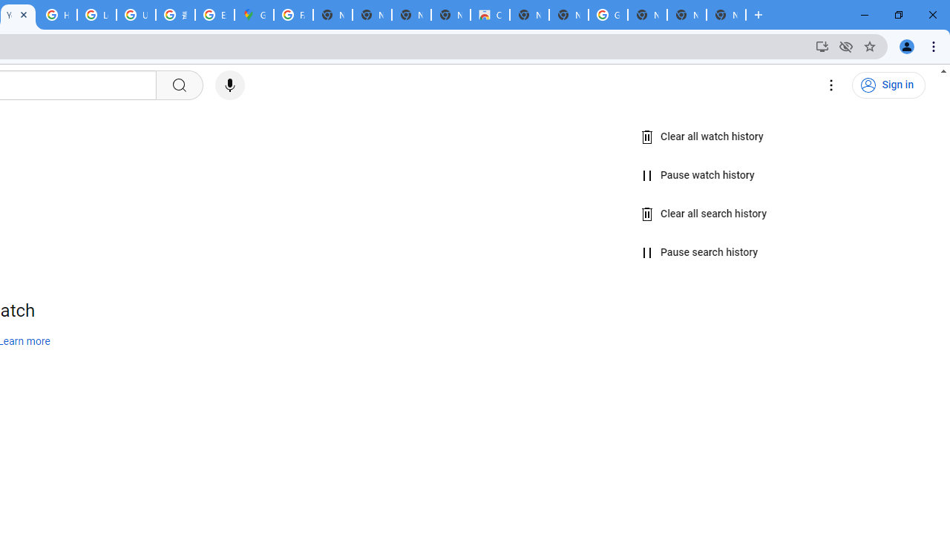 Image resolution: width=950 pixels, height=534 pixels. I want to click on 'Install YouTube', so click(821, 45).